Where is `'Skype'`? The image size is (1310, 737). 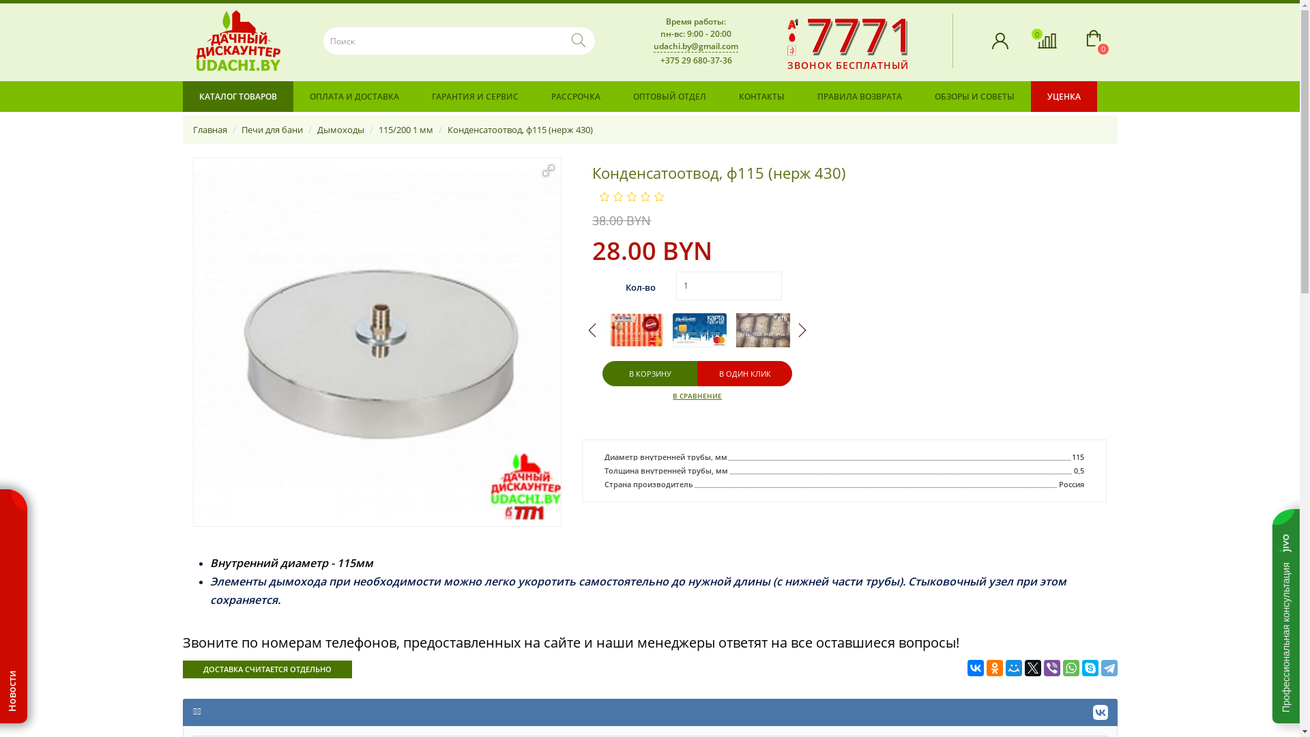
'Skype' is located at coordinates (1090, 667).